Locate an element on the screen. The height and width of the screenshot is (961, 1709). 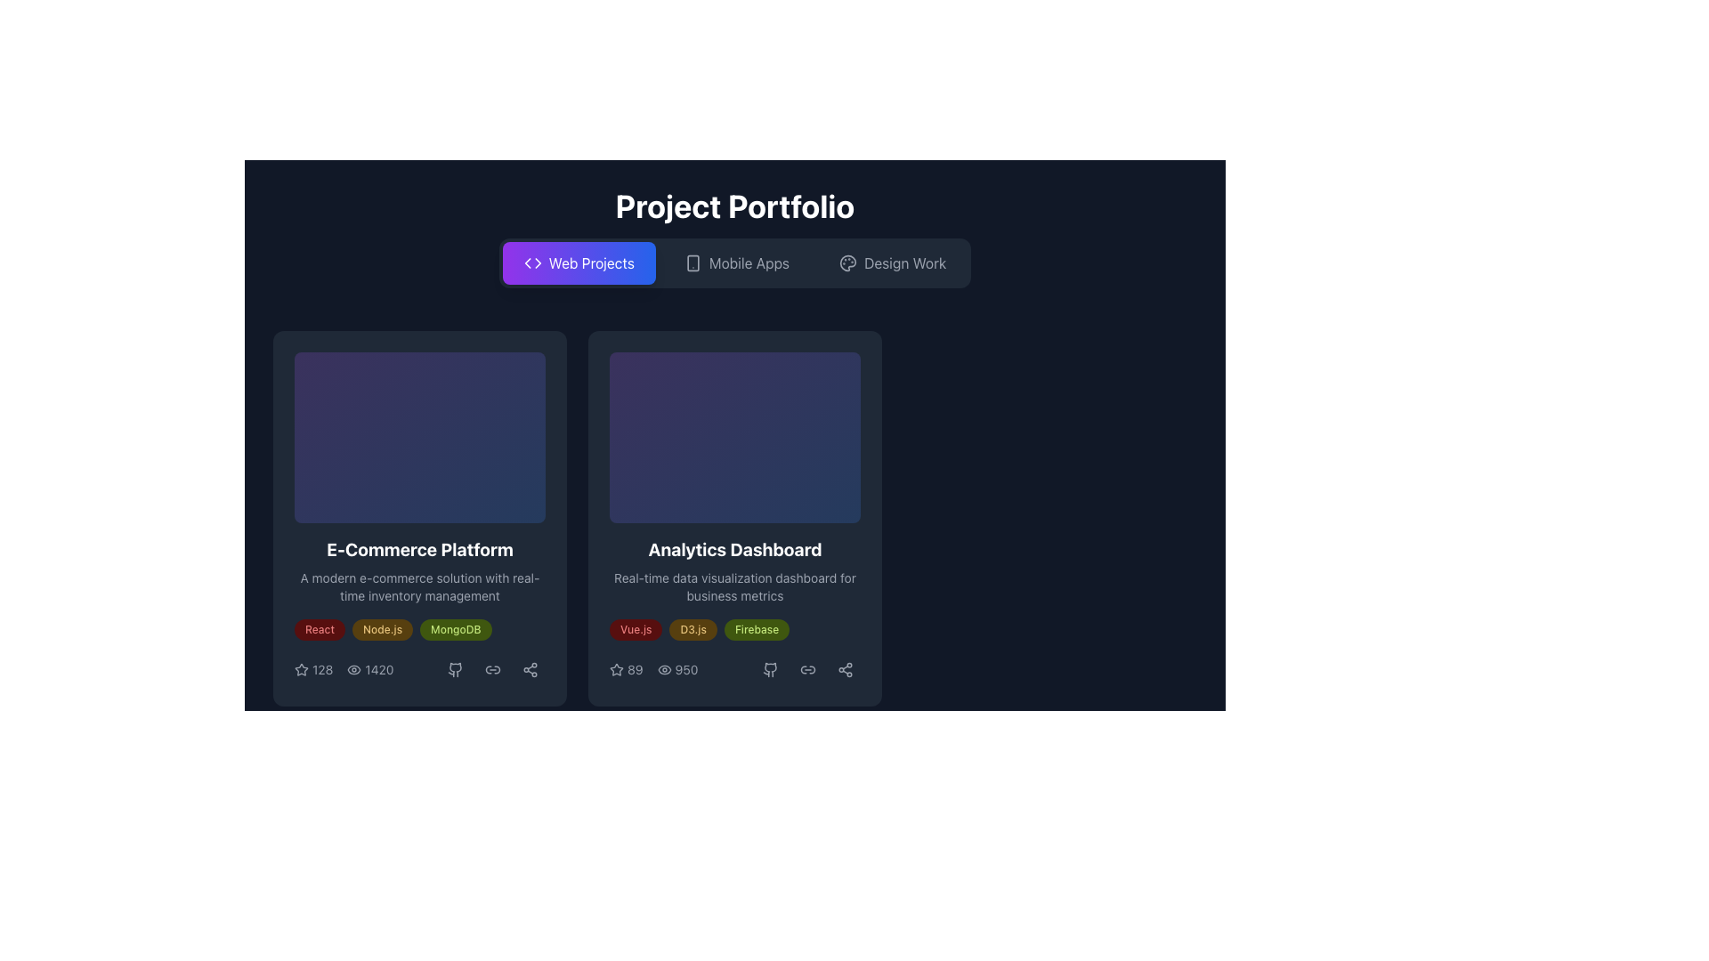
the prominent rectangular Image Box with a gradient background transitioning from purple to blue, which is the first card in a grid of projects is located at coordinates (418, 438).